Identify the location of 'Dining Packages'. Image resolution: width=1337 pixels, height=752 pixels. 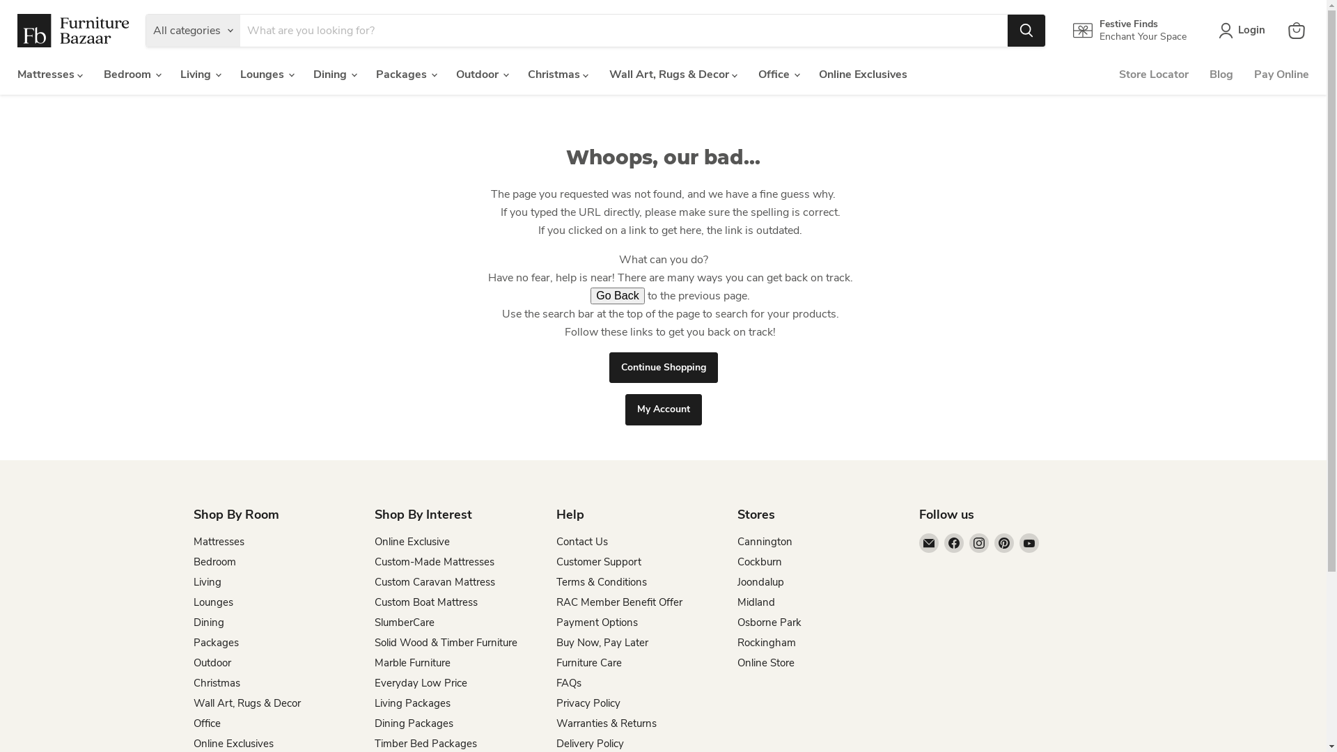
(413, 722).